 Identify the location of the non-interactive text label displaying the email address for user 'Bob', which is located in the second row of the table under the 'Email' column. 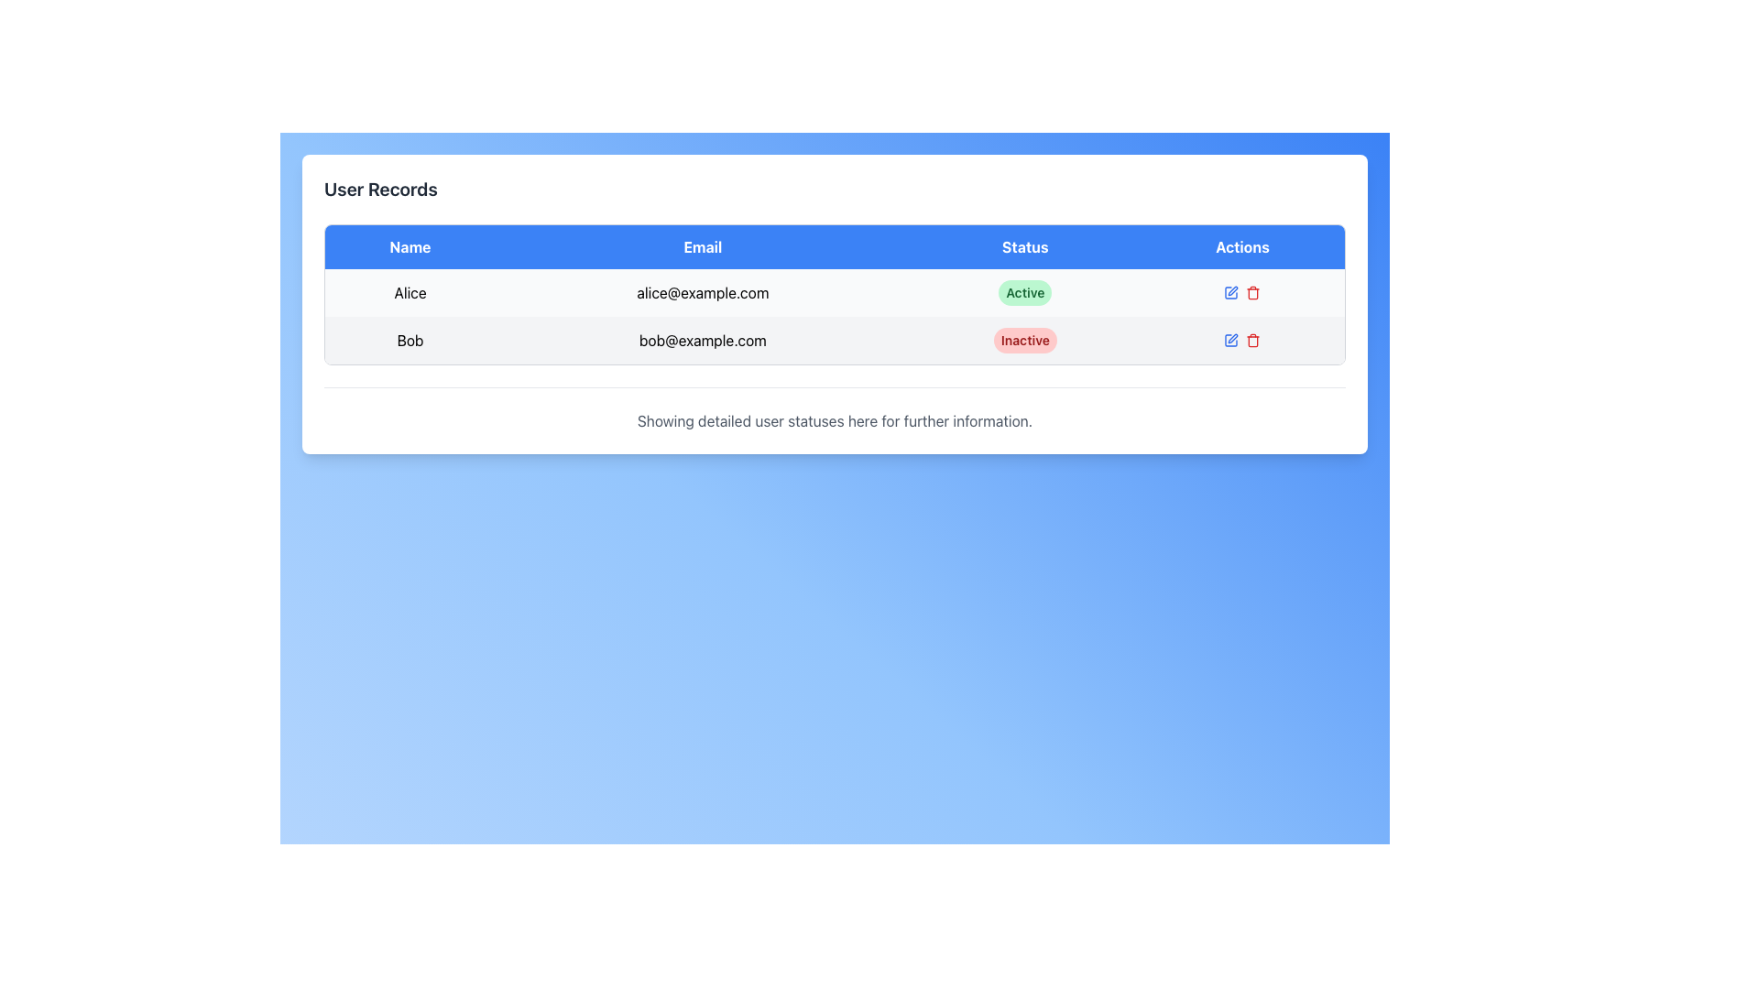
(702, 340).